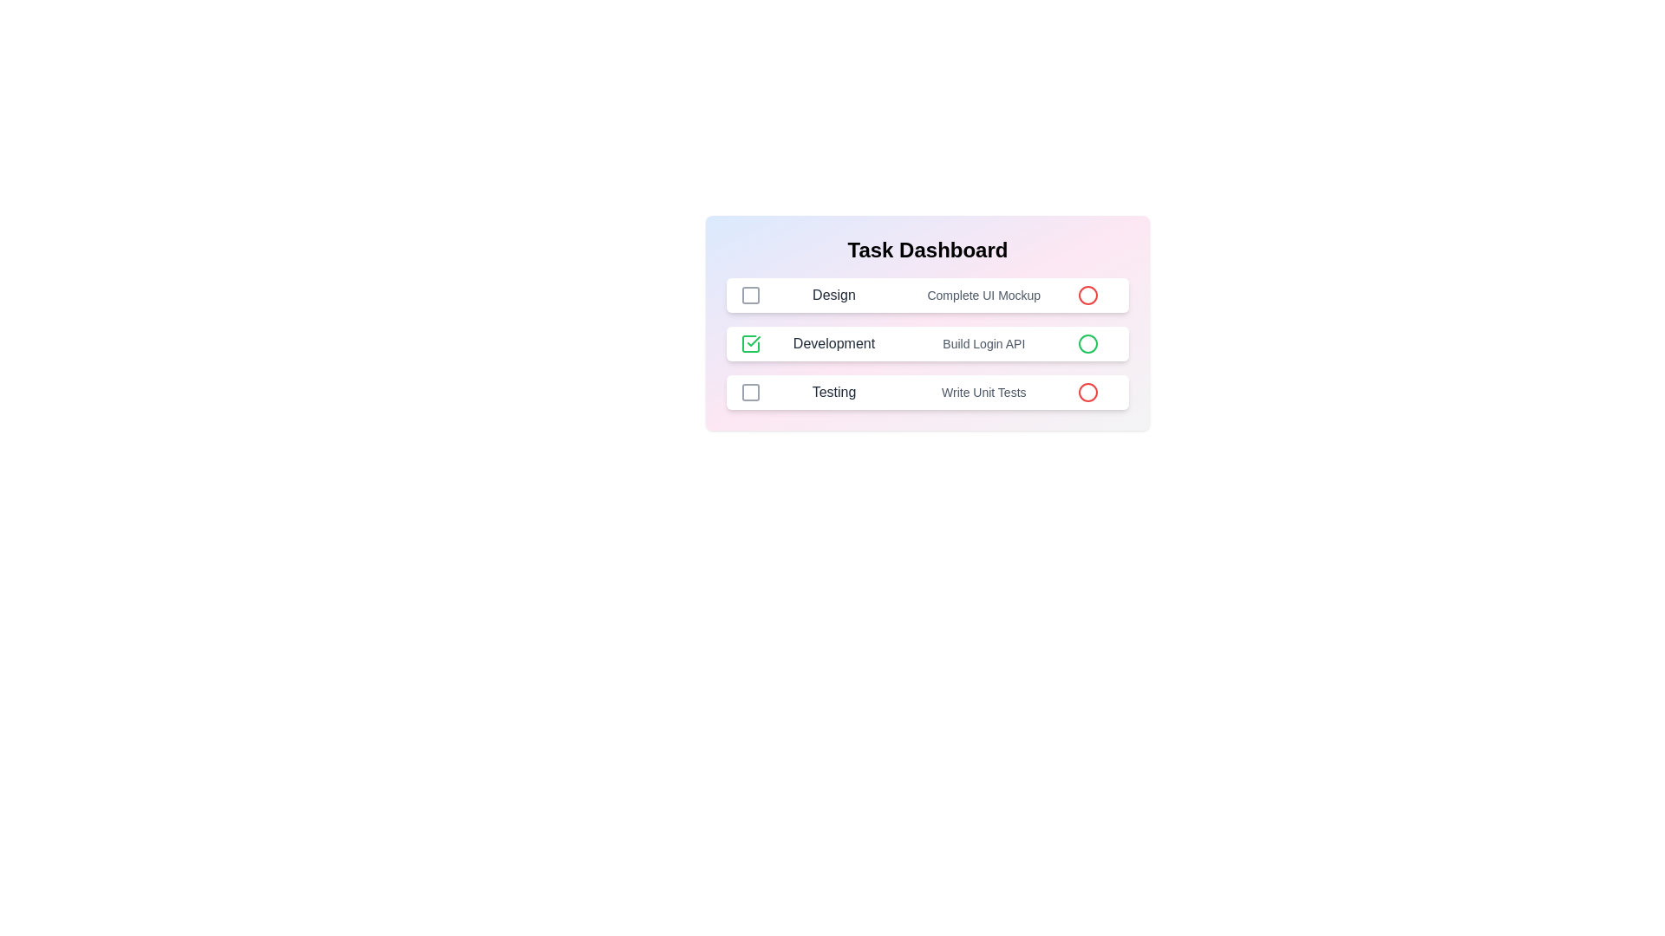 This screenshot has width=1665, height=936. Describe the element at coordinates (750, 344) in the screenshot. I see `the completion icon for the task 'Development'` at that location.